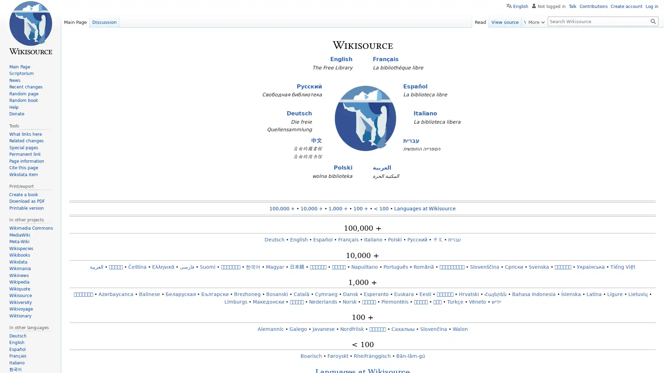  What do you see at coordinates (653, 21) in the screenshot?
I see `Go` at bounding box center [653, 21].